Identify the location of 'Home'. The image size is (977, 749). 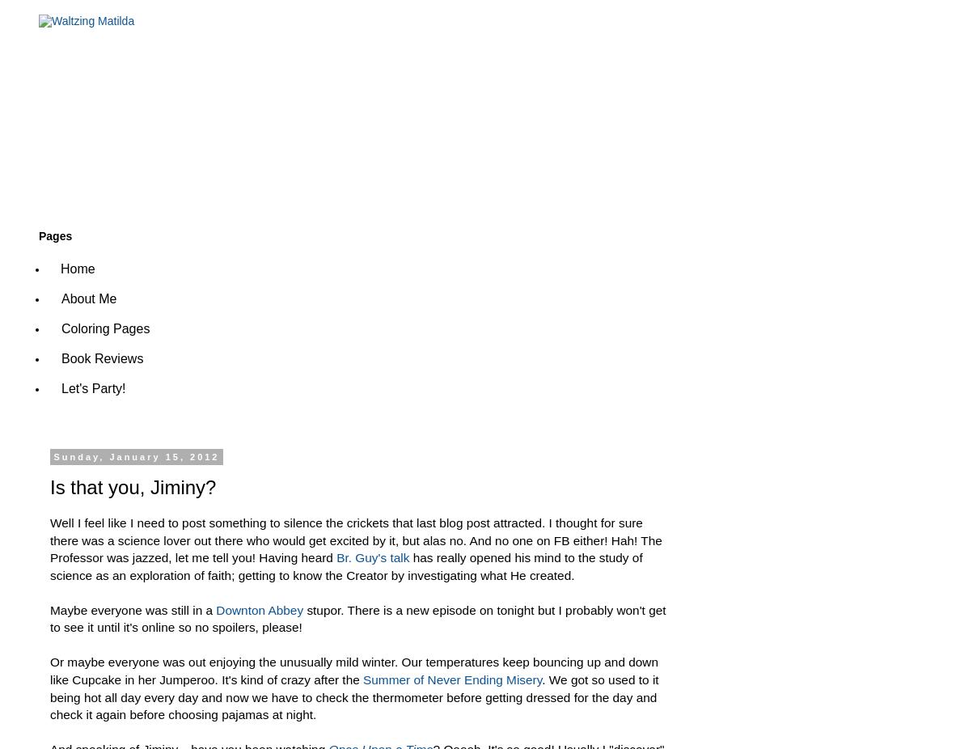
(60, 268).